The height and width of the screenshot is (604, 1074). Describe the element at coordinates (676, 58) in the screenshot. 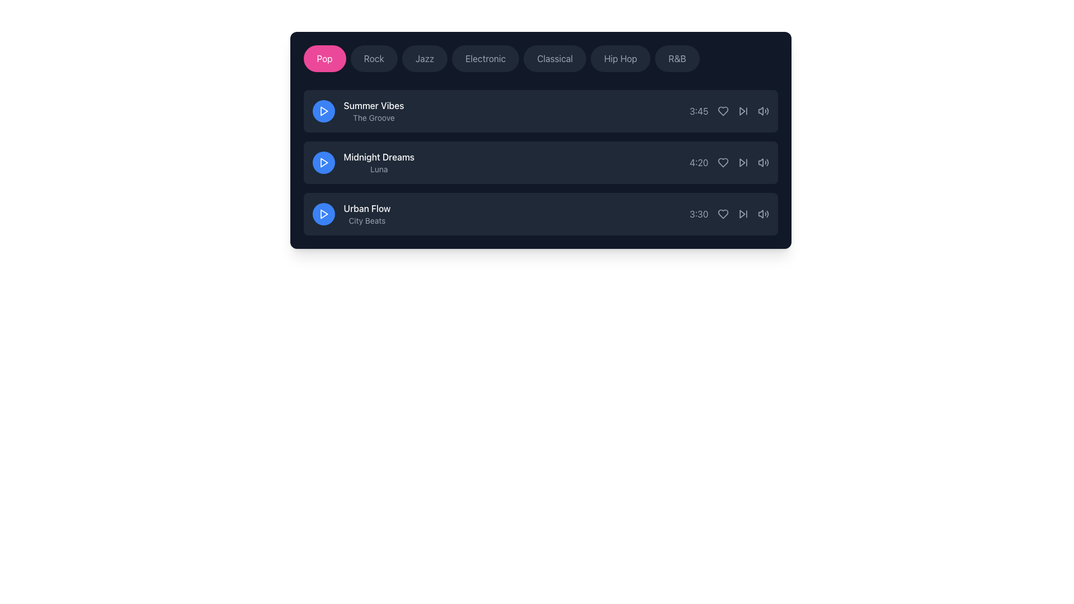

I see `the 'R&B' pill-shaped button with dark background and light gray text` at that location.